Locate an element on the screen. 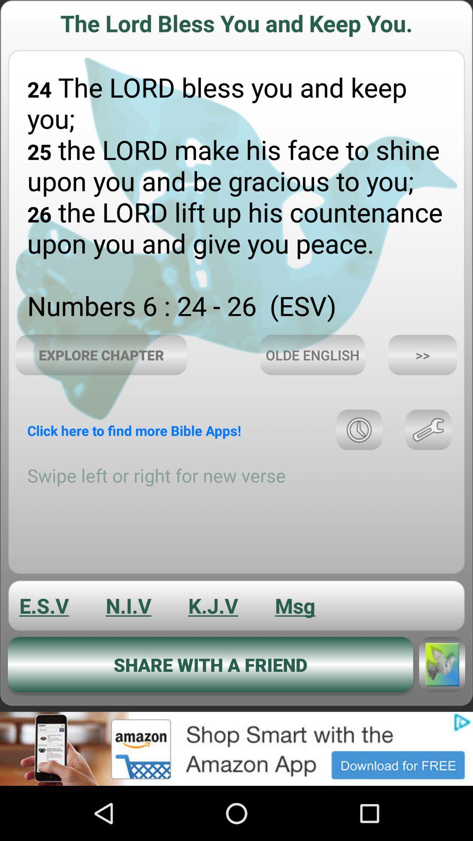  the text below explore chapter is located at coordinates (134, 431).